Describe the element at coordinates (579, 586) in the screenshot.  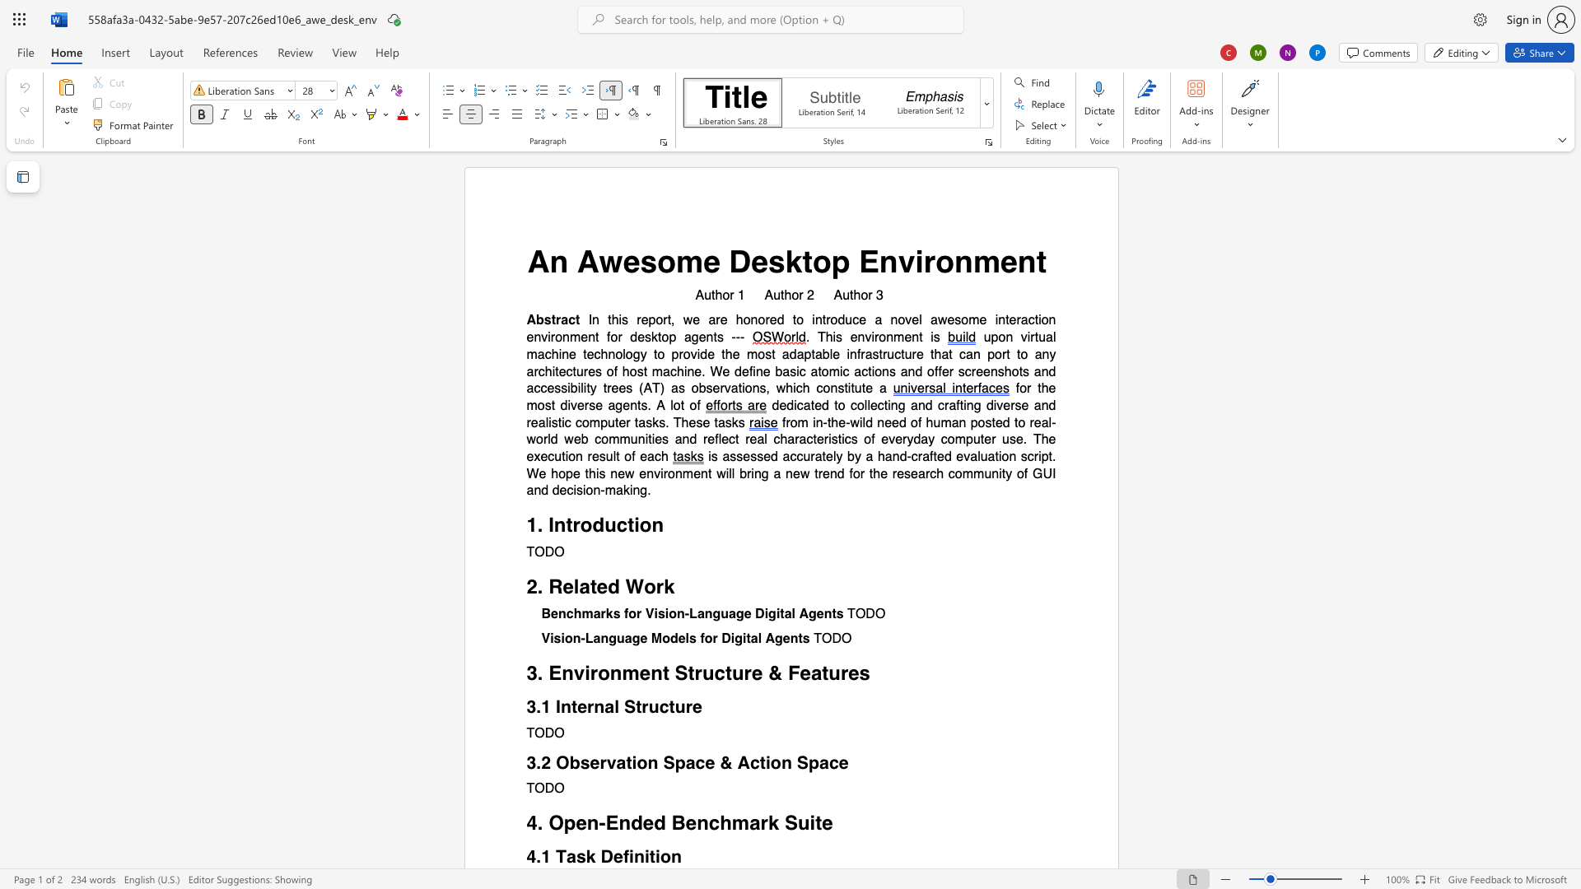
I see `the subset text "ate" within the text "2. Related Work"` at that location.